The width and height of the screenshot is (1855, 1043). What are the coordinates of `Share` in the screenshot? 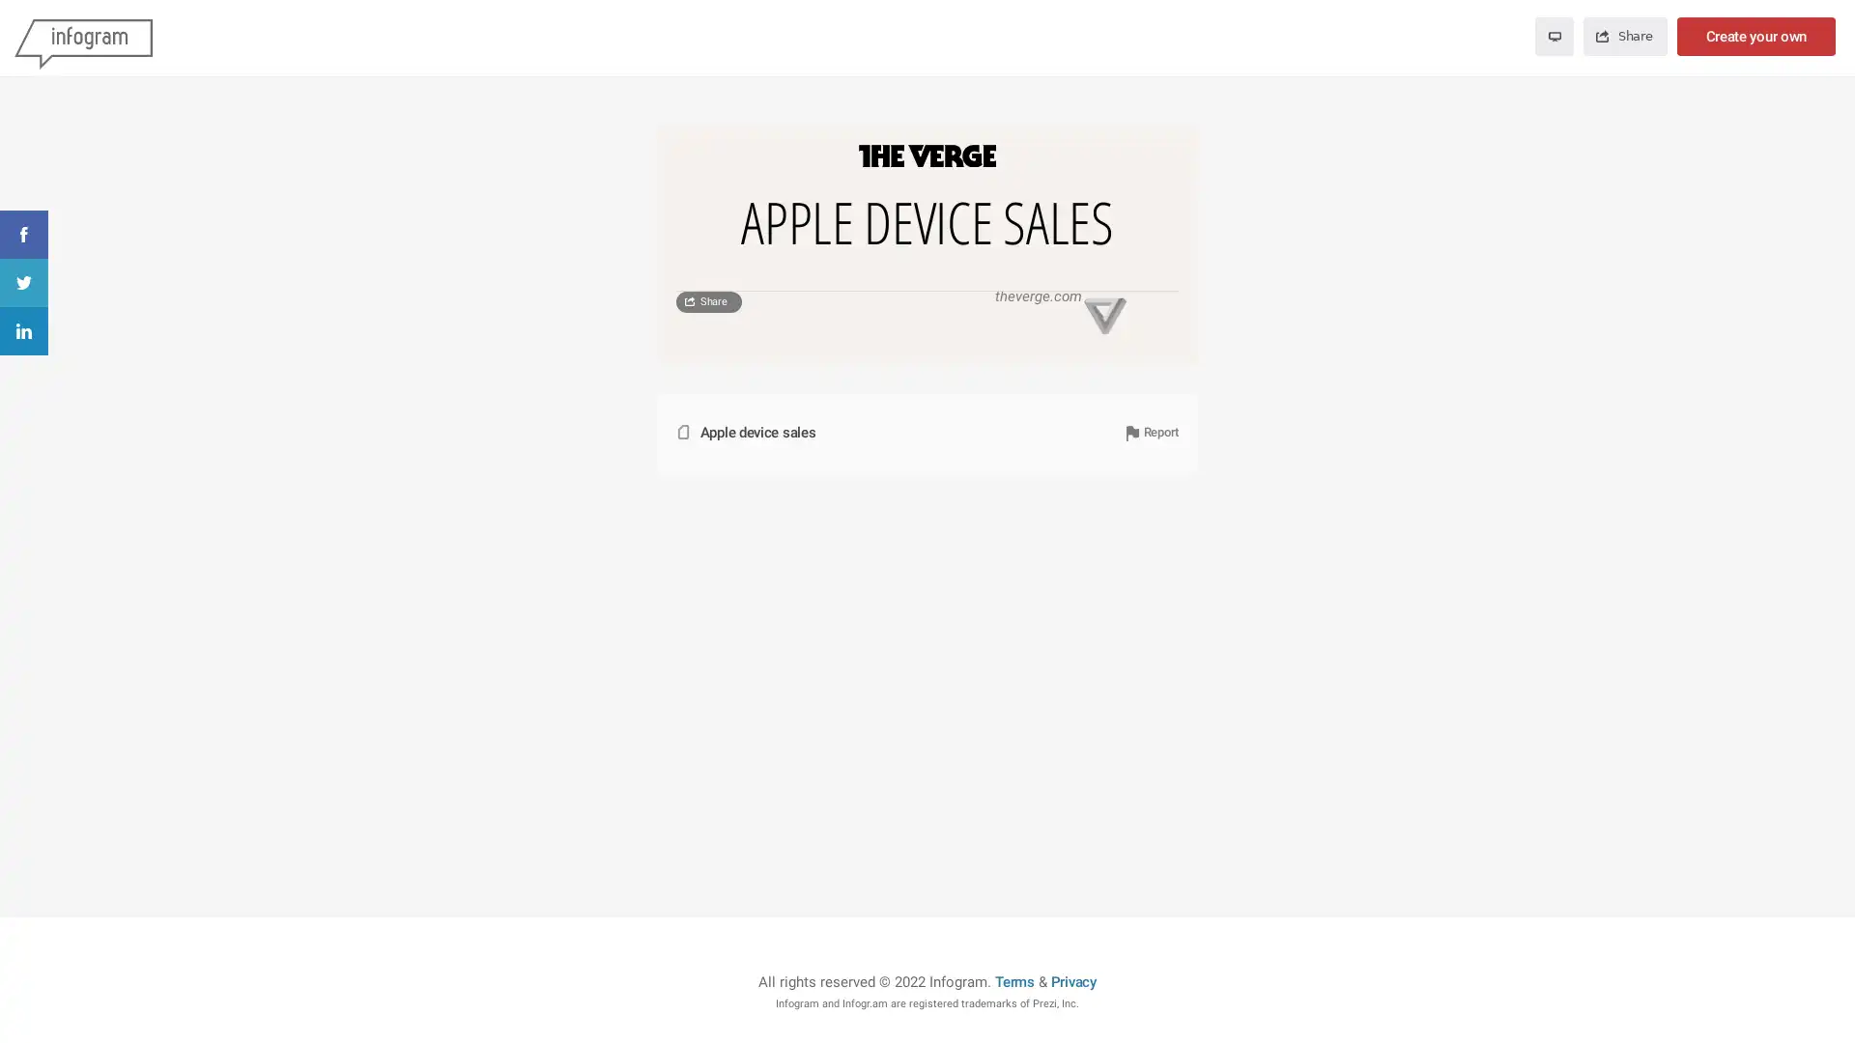 It's located at (707, 680).